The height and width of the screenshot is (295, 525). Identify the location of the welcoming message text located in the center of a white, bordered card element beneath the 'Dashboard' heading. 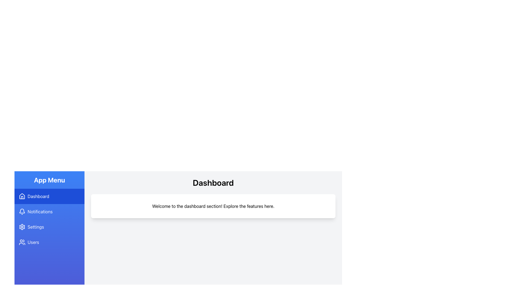
(213, 206).